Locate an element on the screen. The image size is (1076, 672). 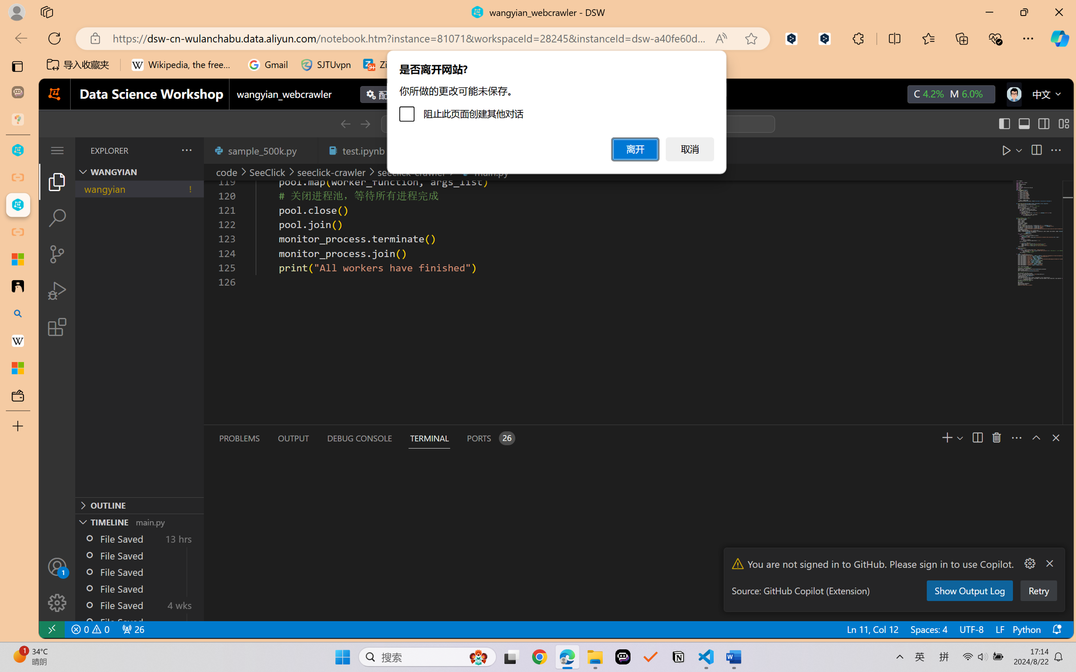
'remote' is located at coordinates (51, 629).